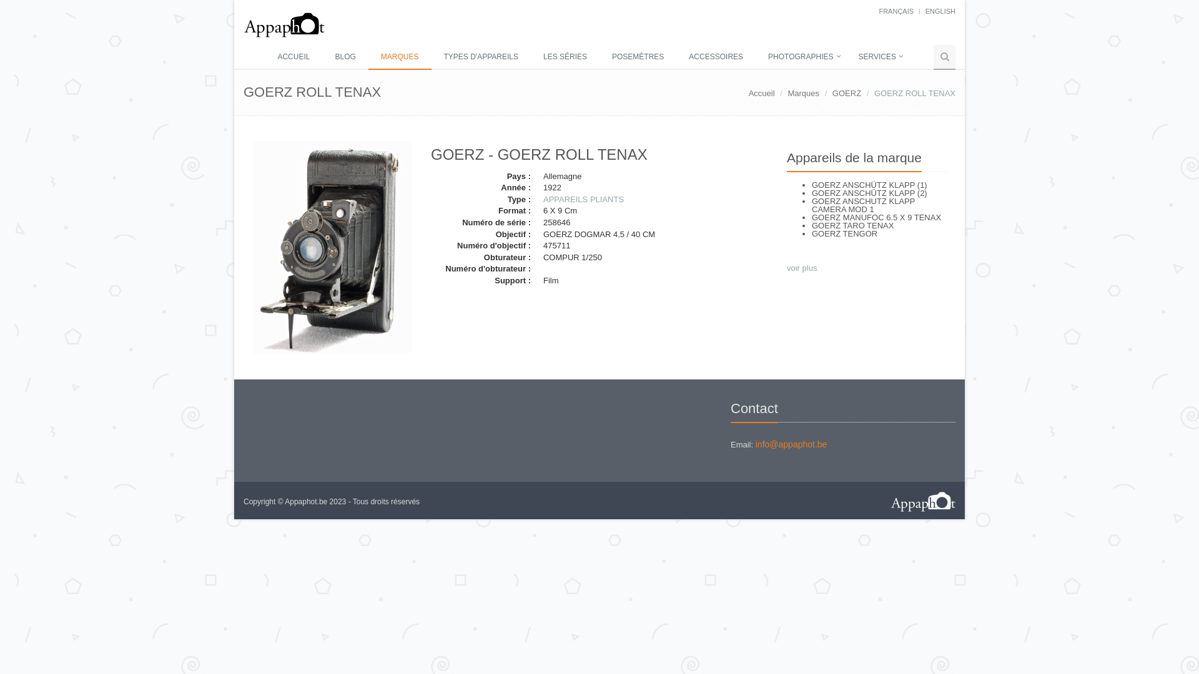 Image resolution: width=1199 pixels, height=674 pixels. Describe the element at coordinates (749, 92) in the screenshot. I see `'Accueil'` at that location.